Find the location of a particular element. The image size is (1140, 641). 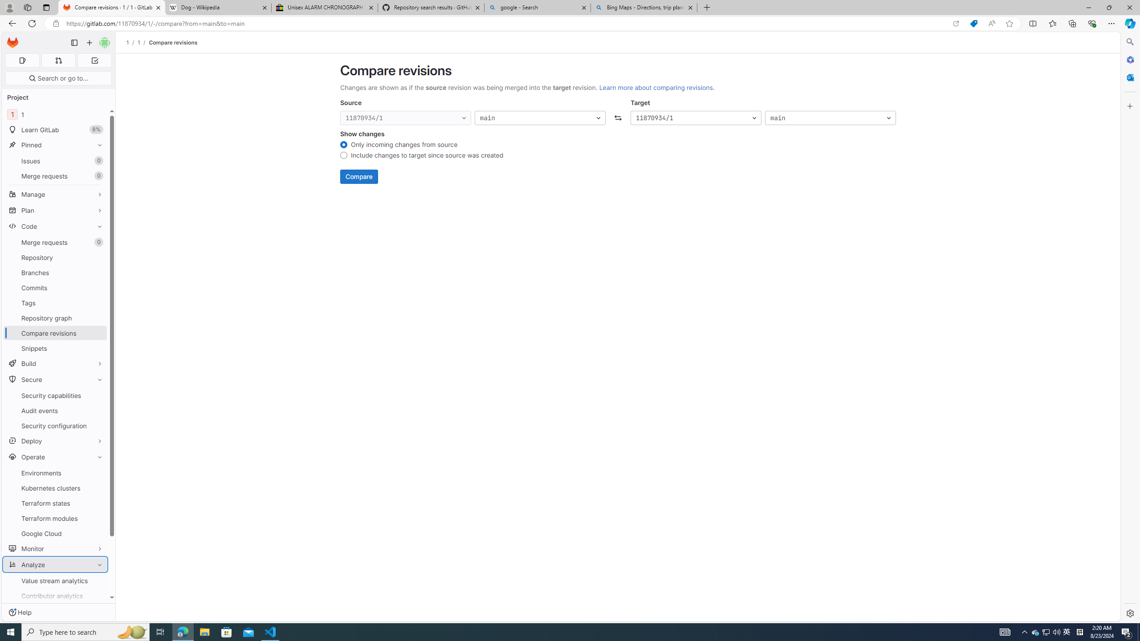

'Security capabilities' is located at coordinates (55, 395).